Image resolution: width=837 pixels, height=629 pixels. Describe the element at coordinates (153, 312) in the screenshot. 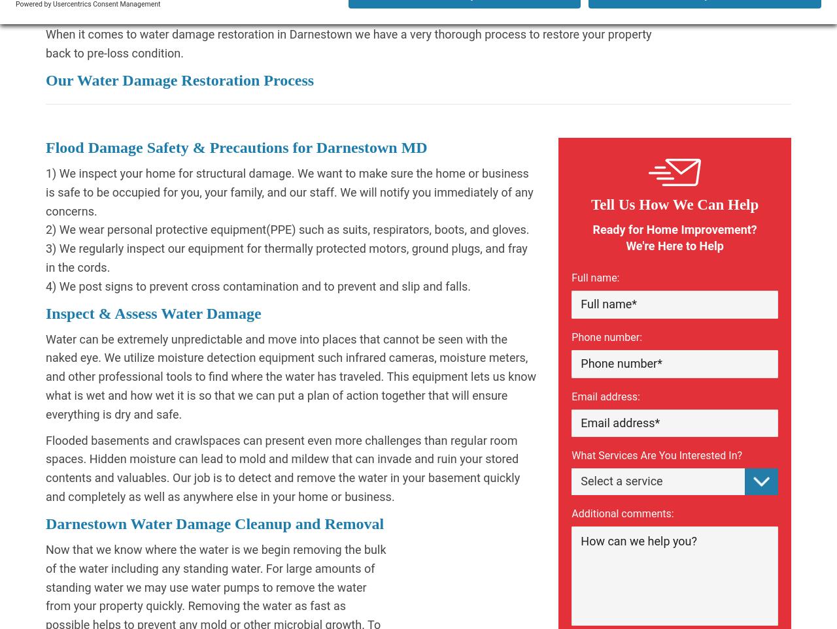

I see `'Inspect & Assess Water Damage'` at that location.